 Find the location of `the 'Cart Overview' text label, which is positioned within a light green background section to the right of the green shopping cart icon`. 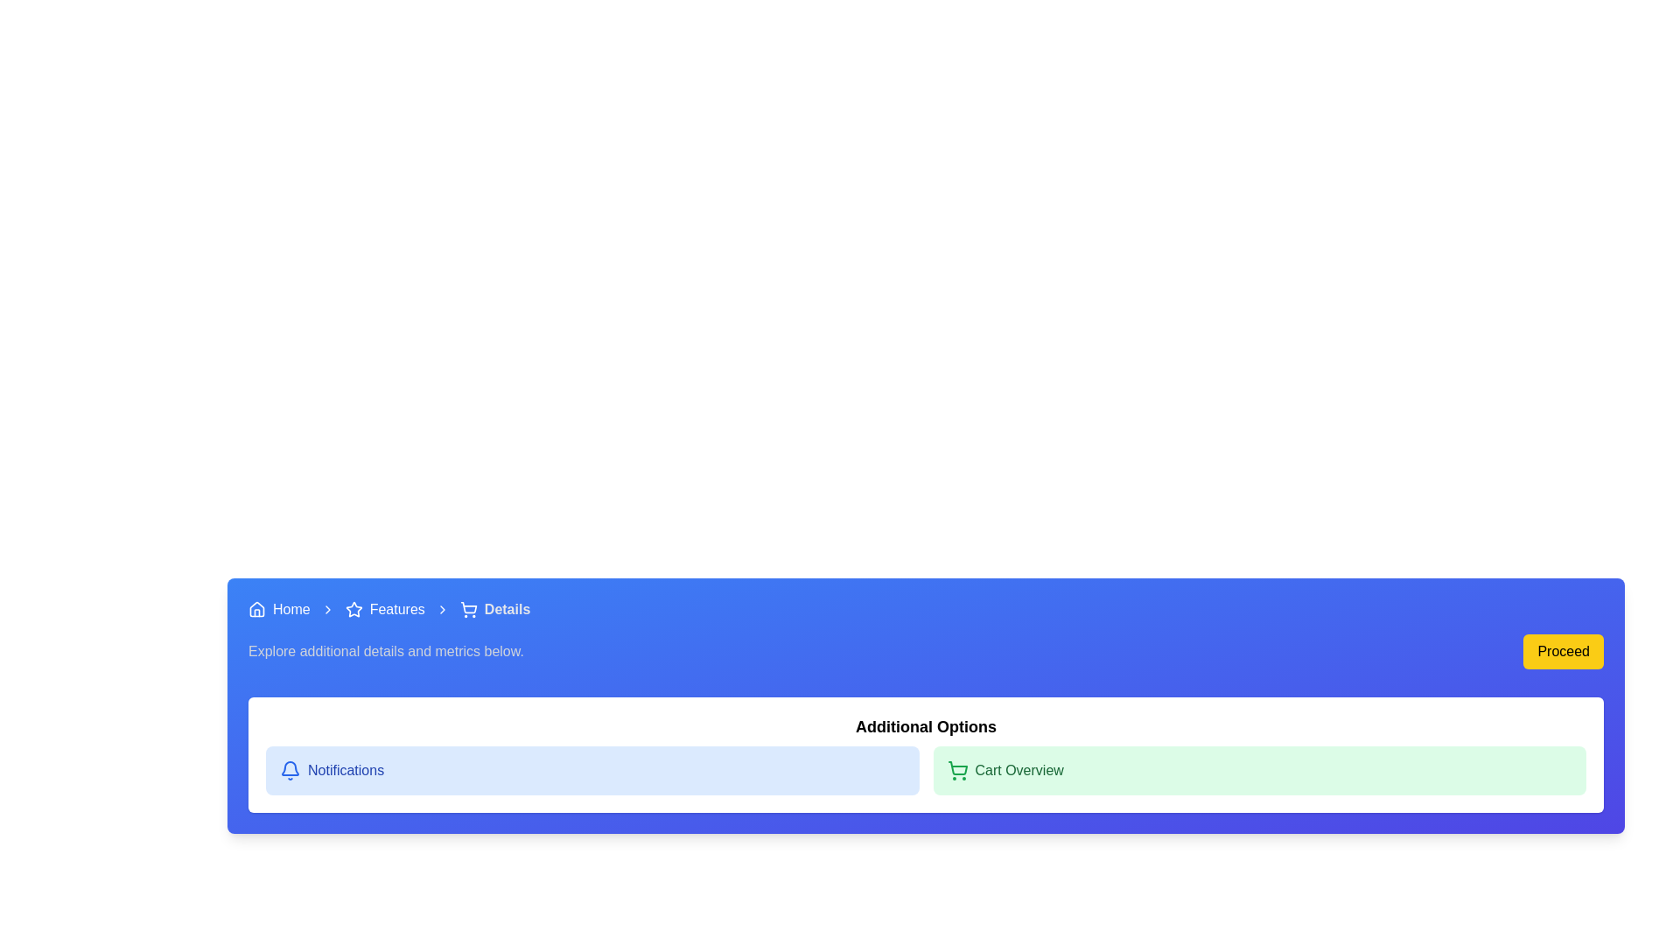

the 'Cart Overview' text label, which is positioned within a light green background section to the right of the green shopping cart icon is located at coordinates (1019, 769).